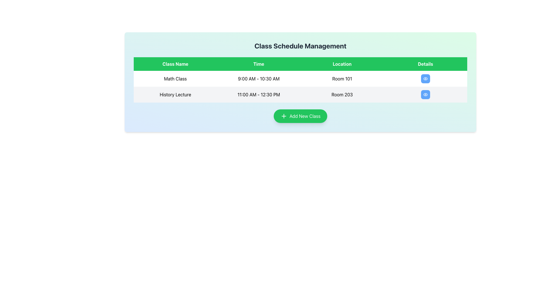 The height and width of the screenshot is (306, 544). I want to click on the button in the last row of the table under the 'Details' column, so click(425, 94).